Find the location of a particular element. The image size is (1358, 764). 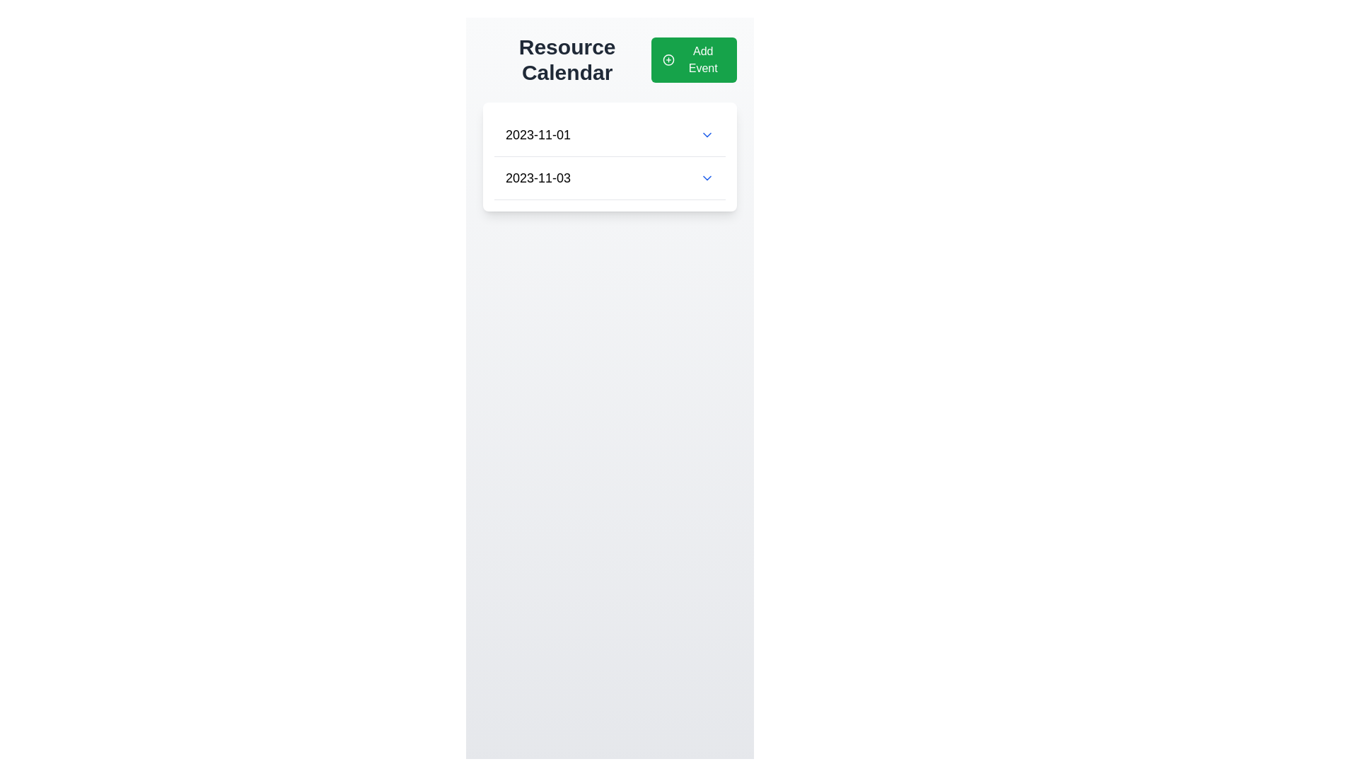

the second date item in the vertically stacked list is located at coordinates (610, 178).